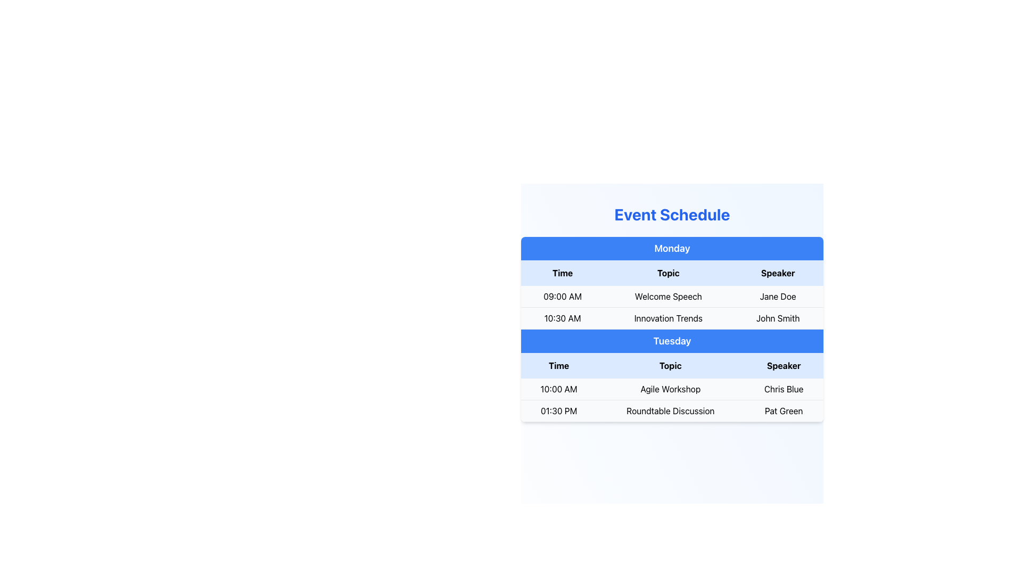 Image resolution: width=1022 pixels, height=575 pixels. Describe the element at coordinates (784, 389) in the screenshot. I see `text of the Text Label representing the speaker's name in the 'Speaker' column of the Tuesday row for 'Agile Workshop'` at that location.